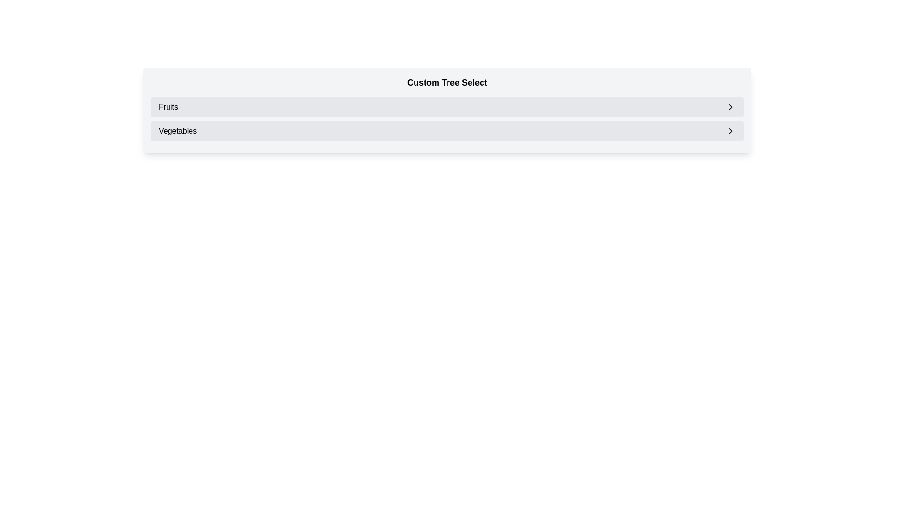 The image size is (919, 517). What do you see at coordinates (447, 82) in the screenshot?
I see `attention on the 'Custom Tree Select' title displayed in bold, large font by moving the cursor to its center point` at bounding box center [447, 82].